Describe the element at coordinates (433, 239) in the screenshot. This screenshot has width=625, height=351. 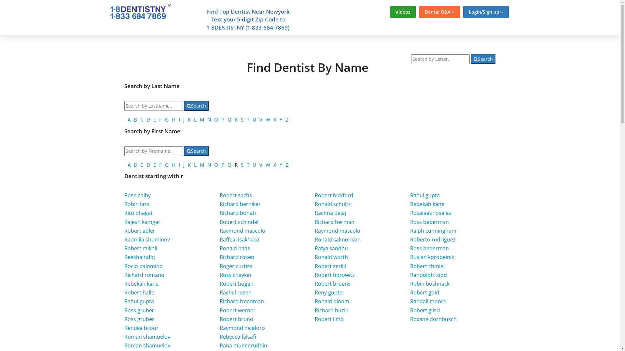
I see `'Roberto rodriguez'` at that location.